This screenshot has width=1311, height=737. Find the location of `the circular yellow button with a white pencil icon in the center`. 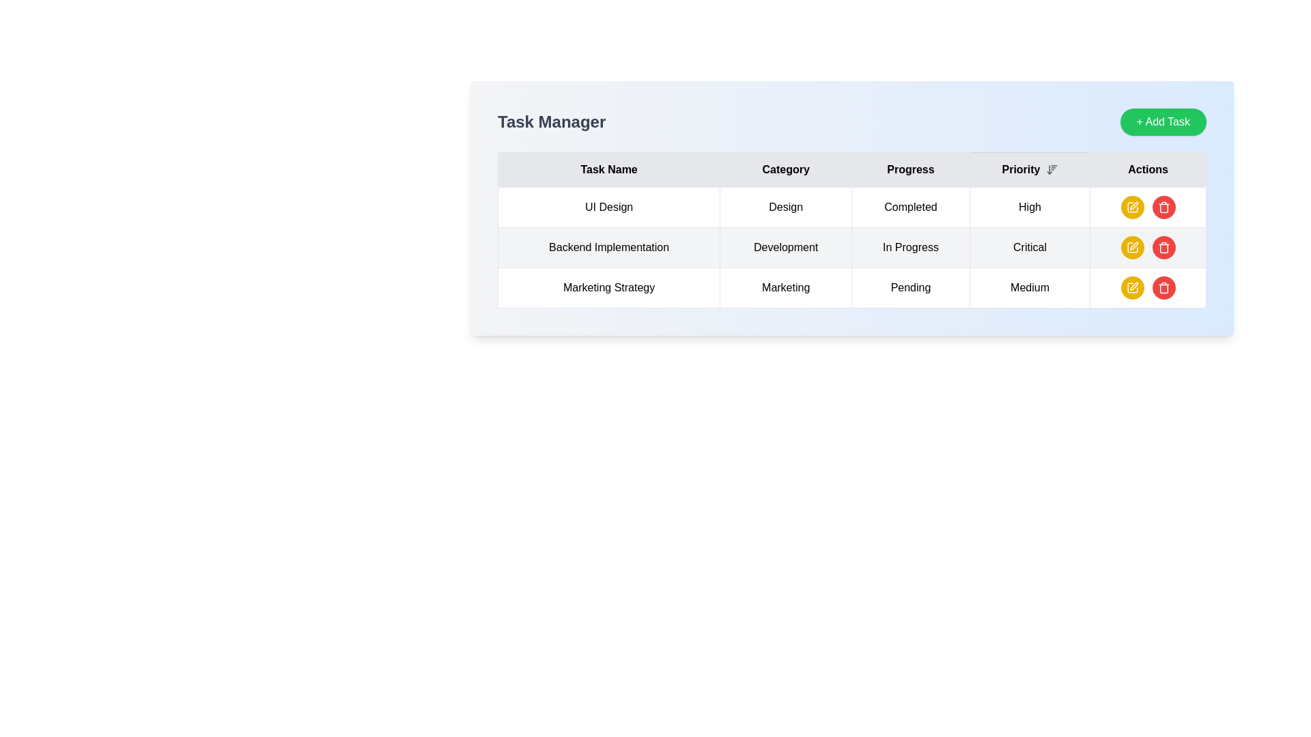

the circular yellow button with a white pencil icon in the center is located at coordinates (1132, 207).